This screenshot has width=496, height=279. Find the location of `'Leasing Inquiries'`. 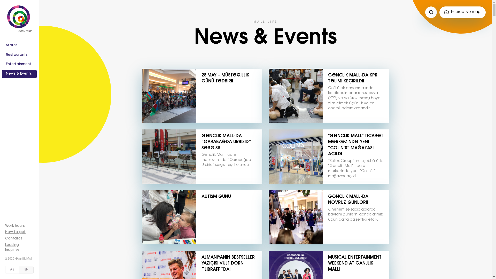

'Leasing Inquiries' is located at coordinates (12, 247).